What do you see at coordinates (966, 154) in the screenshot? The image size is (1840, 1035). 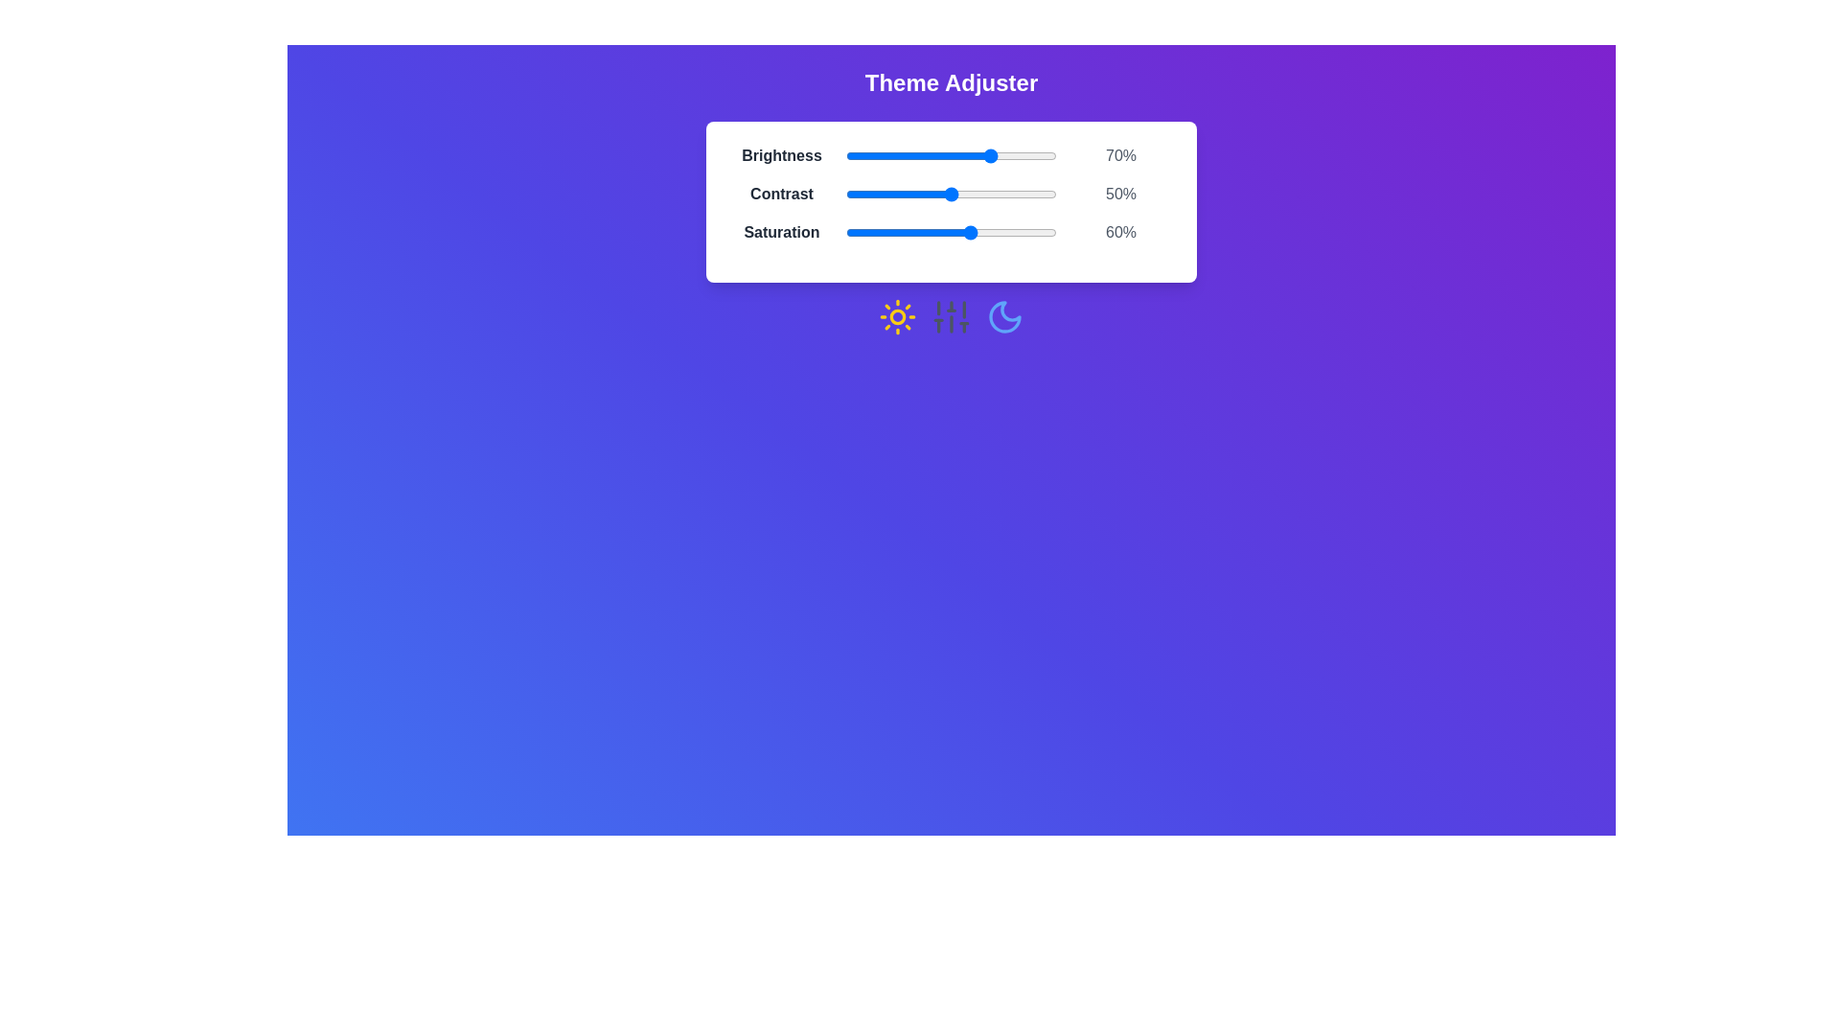 I see `the 0 slider to 57%` at bounding box center [966, 154].